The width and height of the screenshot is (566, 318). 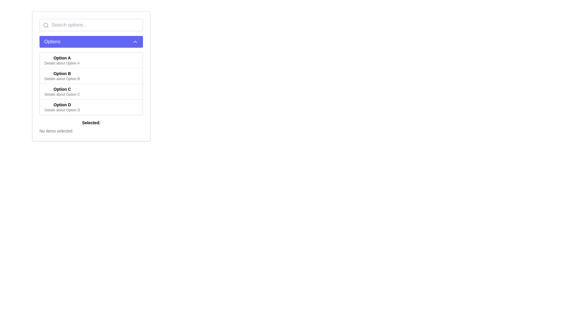 What do you see at coordinates (62, 89) in the screenshot?
I see `the static text label that serves as a visual identifier for the third option in the dropdown menu, located between 'Option B' and 'Option D'` at bounding box center [62, 89].